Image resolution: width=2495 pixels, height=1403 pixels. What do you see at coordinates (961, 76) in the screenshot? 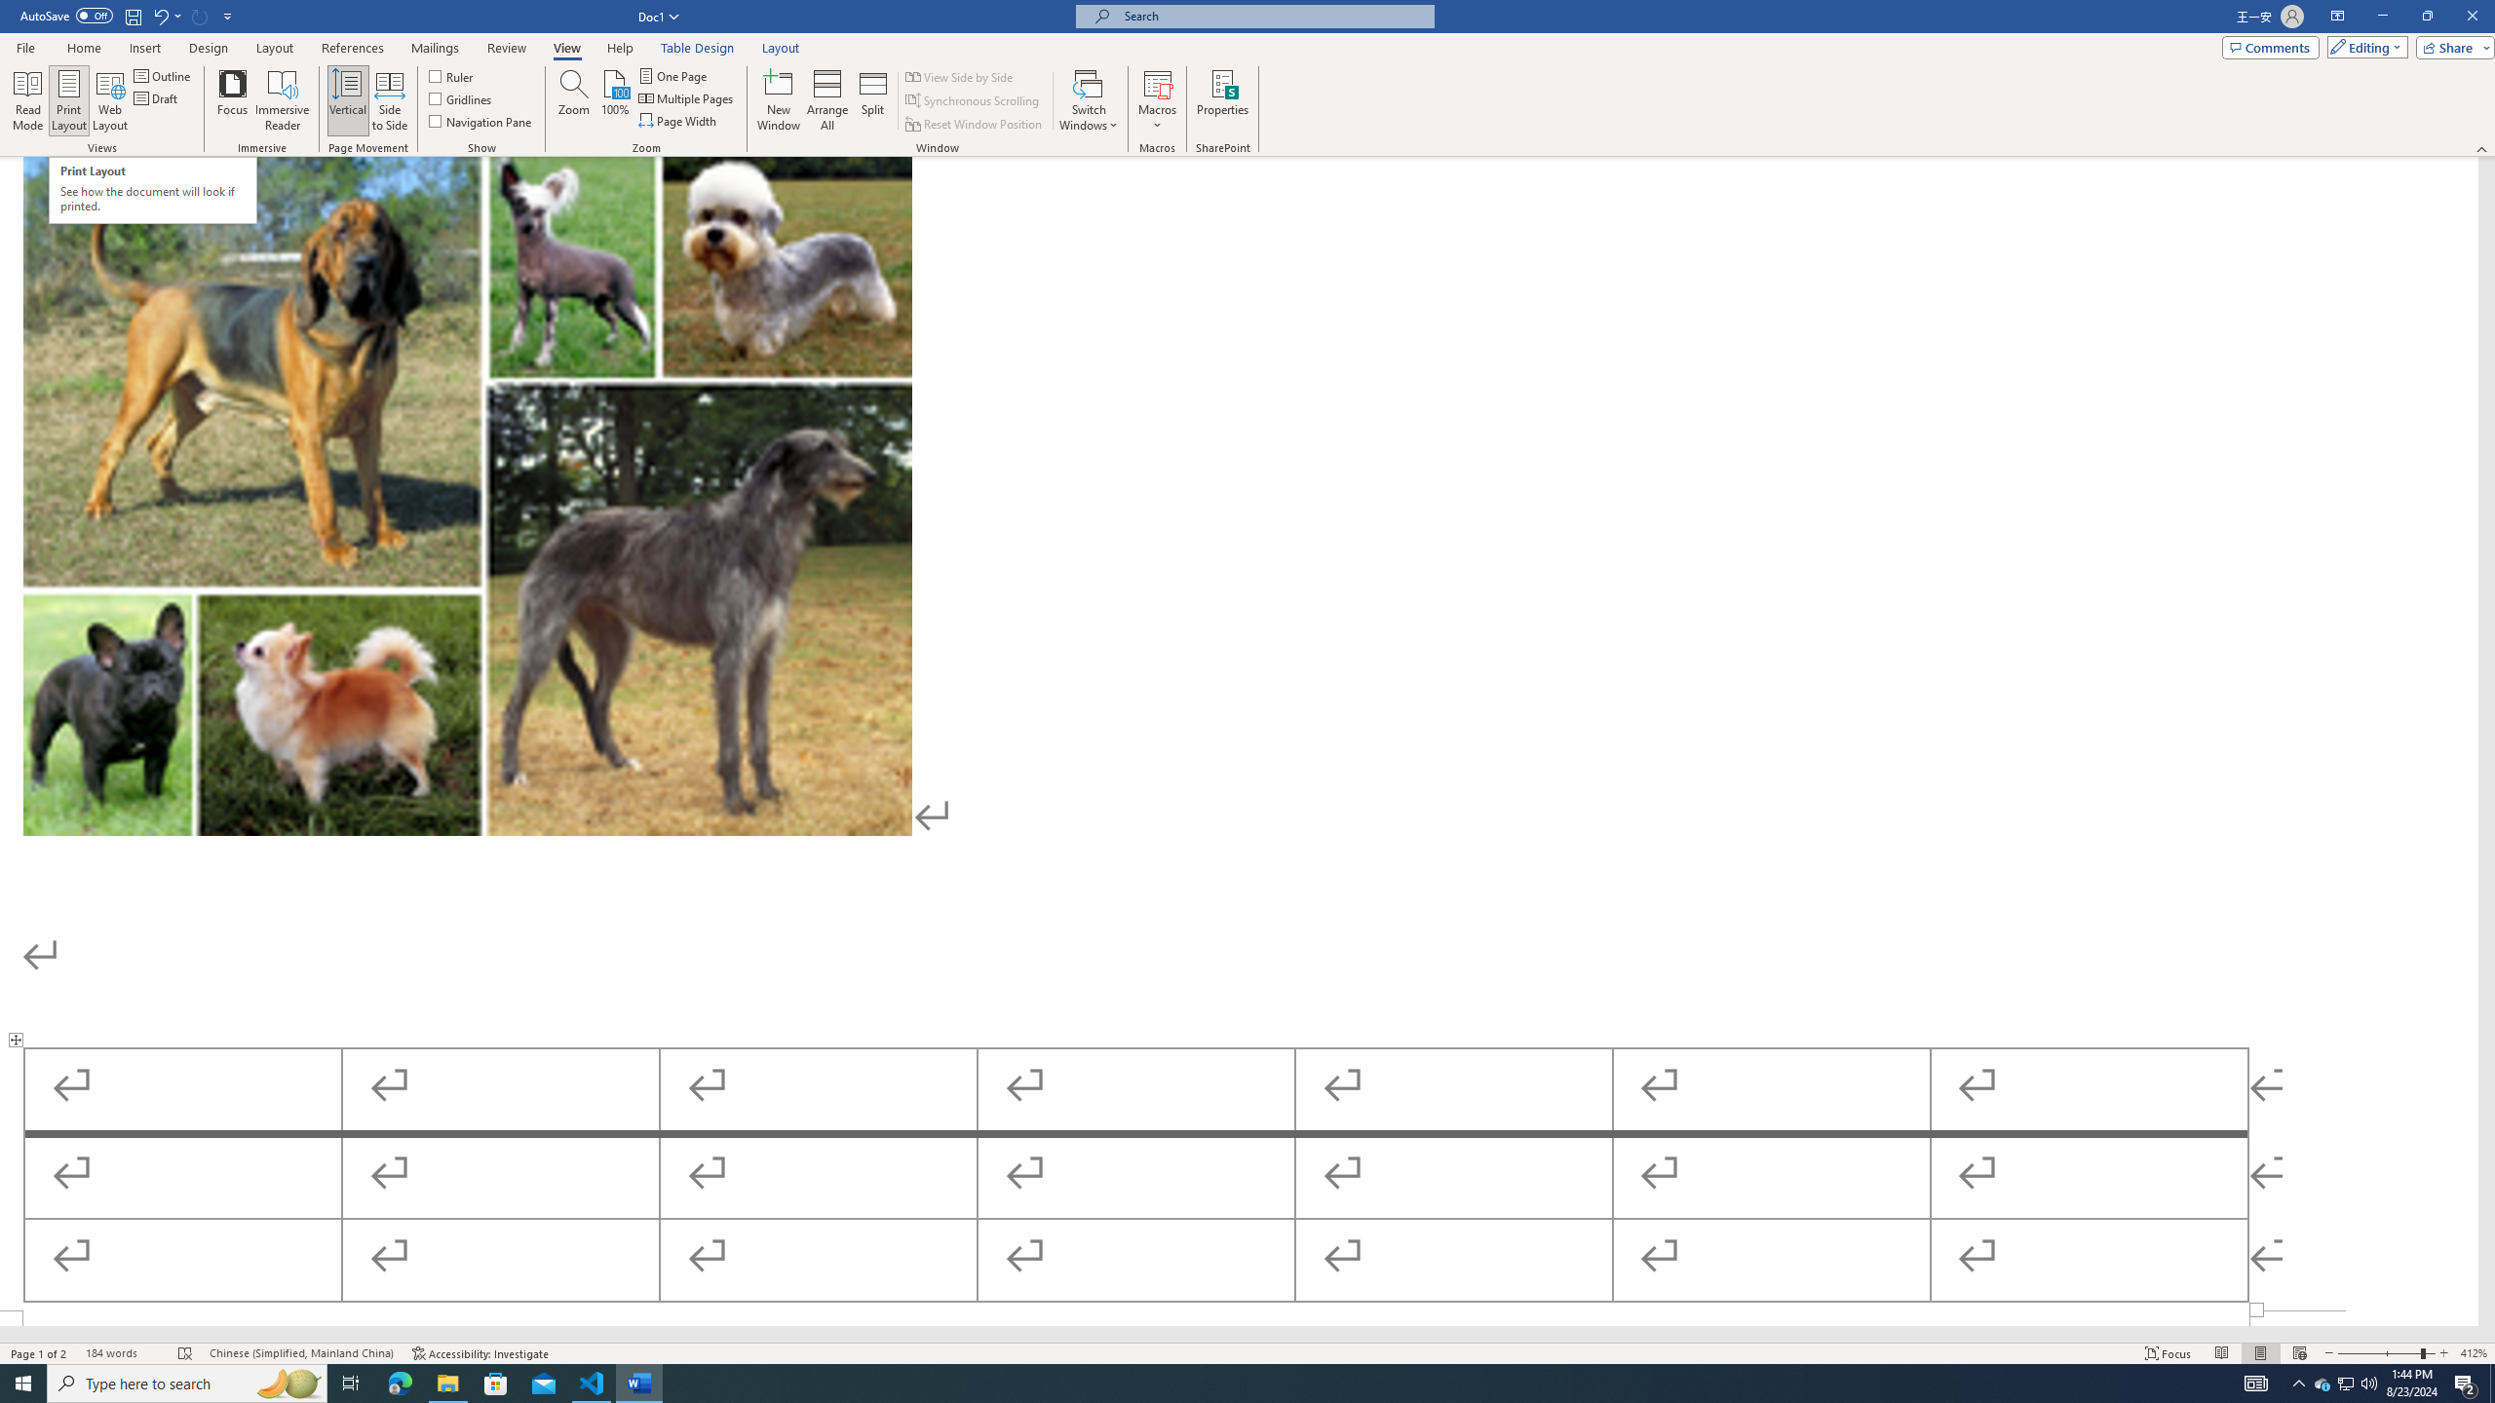
I see `'View Side by Side'` at bounding box center [961, 76].